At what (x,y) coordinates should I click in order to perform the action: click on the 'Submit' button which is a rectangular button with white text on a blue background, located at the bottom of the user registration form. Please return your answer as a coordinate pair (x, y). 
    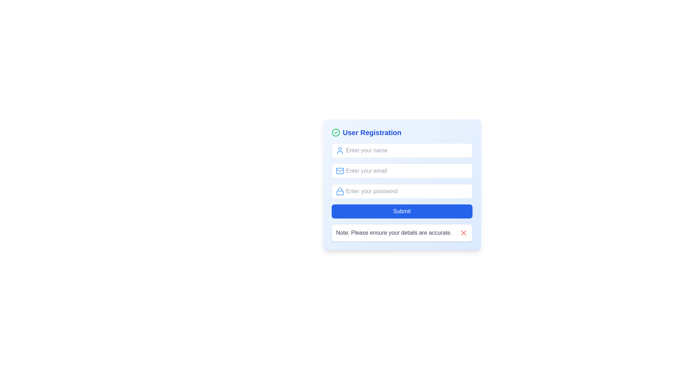
    Looking at the image, I should click on (402, 211).